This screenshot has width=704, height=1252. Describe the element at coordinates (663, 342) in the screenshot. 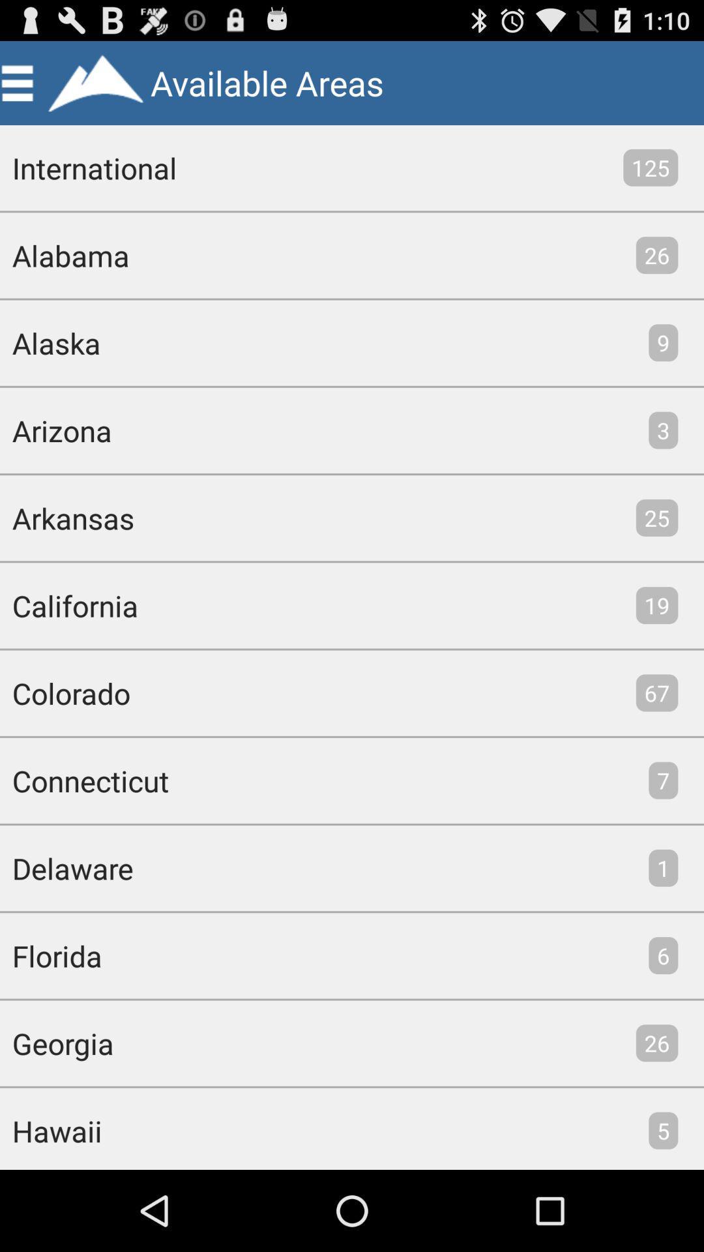

I see `the 9 icon` at that location.